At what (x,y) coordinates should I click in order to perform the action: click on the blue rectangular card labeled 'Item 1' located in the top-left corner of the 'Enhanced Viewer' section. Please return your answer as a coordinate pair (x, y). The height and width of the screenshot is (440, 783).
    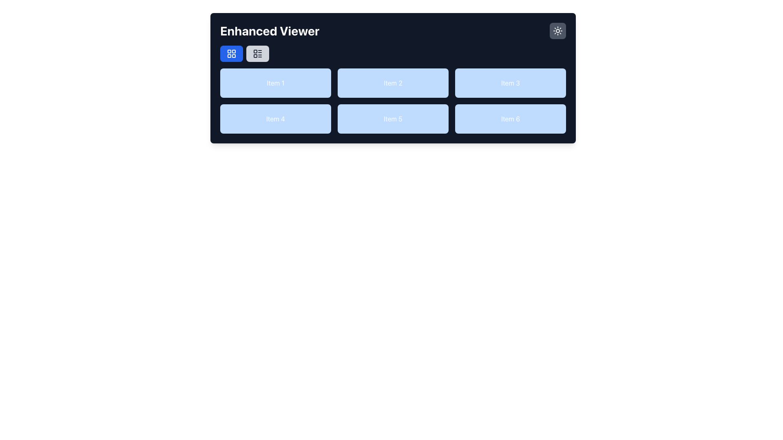
    Looking at the image, I should click on (276, 83).